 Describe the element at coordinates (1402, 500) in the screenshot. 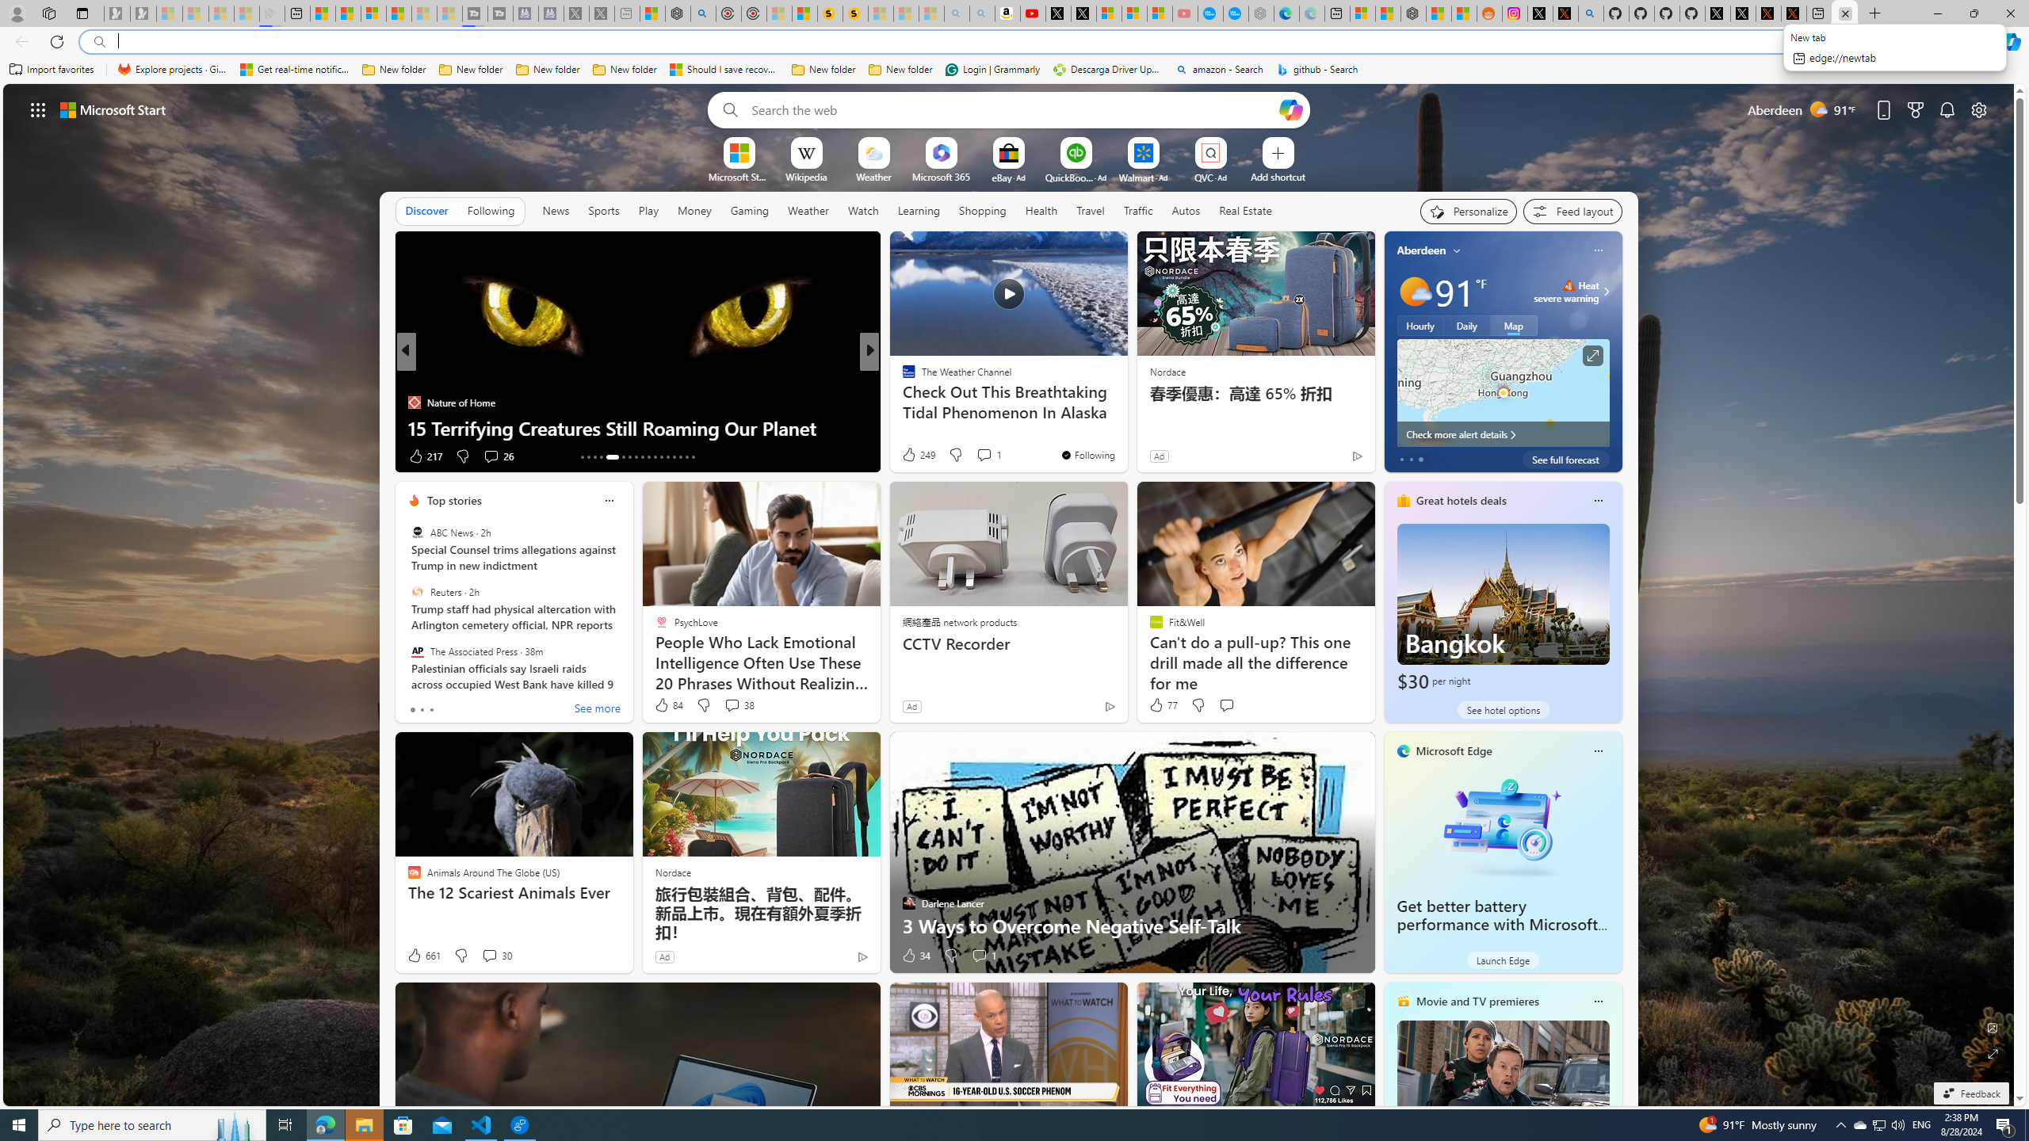

I see `'hotels-header-icon'` at that location.